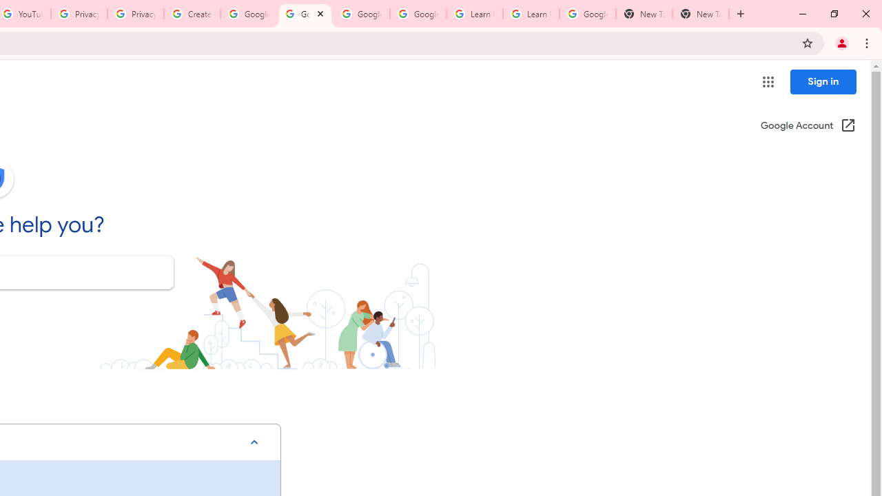 The image size is (882, 496). I want to click on 'Google Account Help', so click(361, 14).